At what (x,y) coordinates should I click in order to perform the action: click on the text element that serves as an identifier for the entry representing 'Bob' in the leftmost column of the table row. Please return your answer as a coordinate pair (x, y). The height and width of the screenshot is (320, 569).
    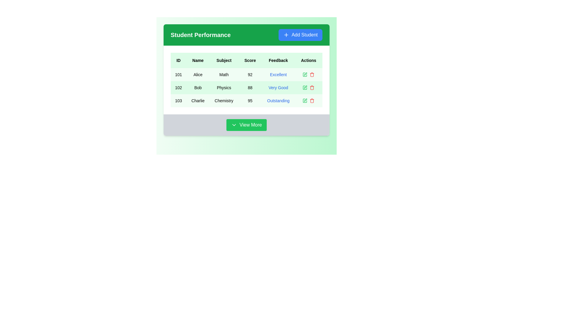
    Looking at the image, I should click on (178, 88).